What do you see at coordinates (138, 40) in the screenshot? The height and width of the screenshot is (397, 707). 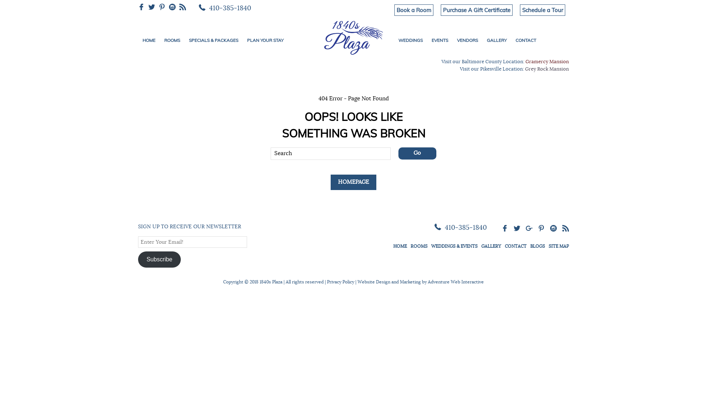 I see `'HOME'` at bounding box center [138, 40].